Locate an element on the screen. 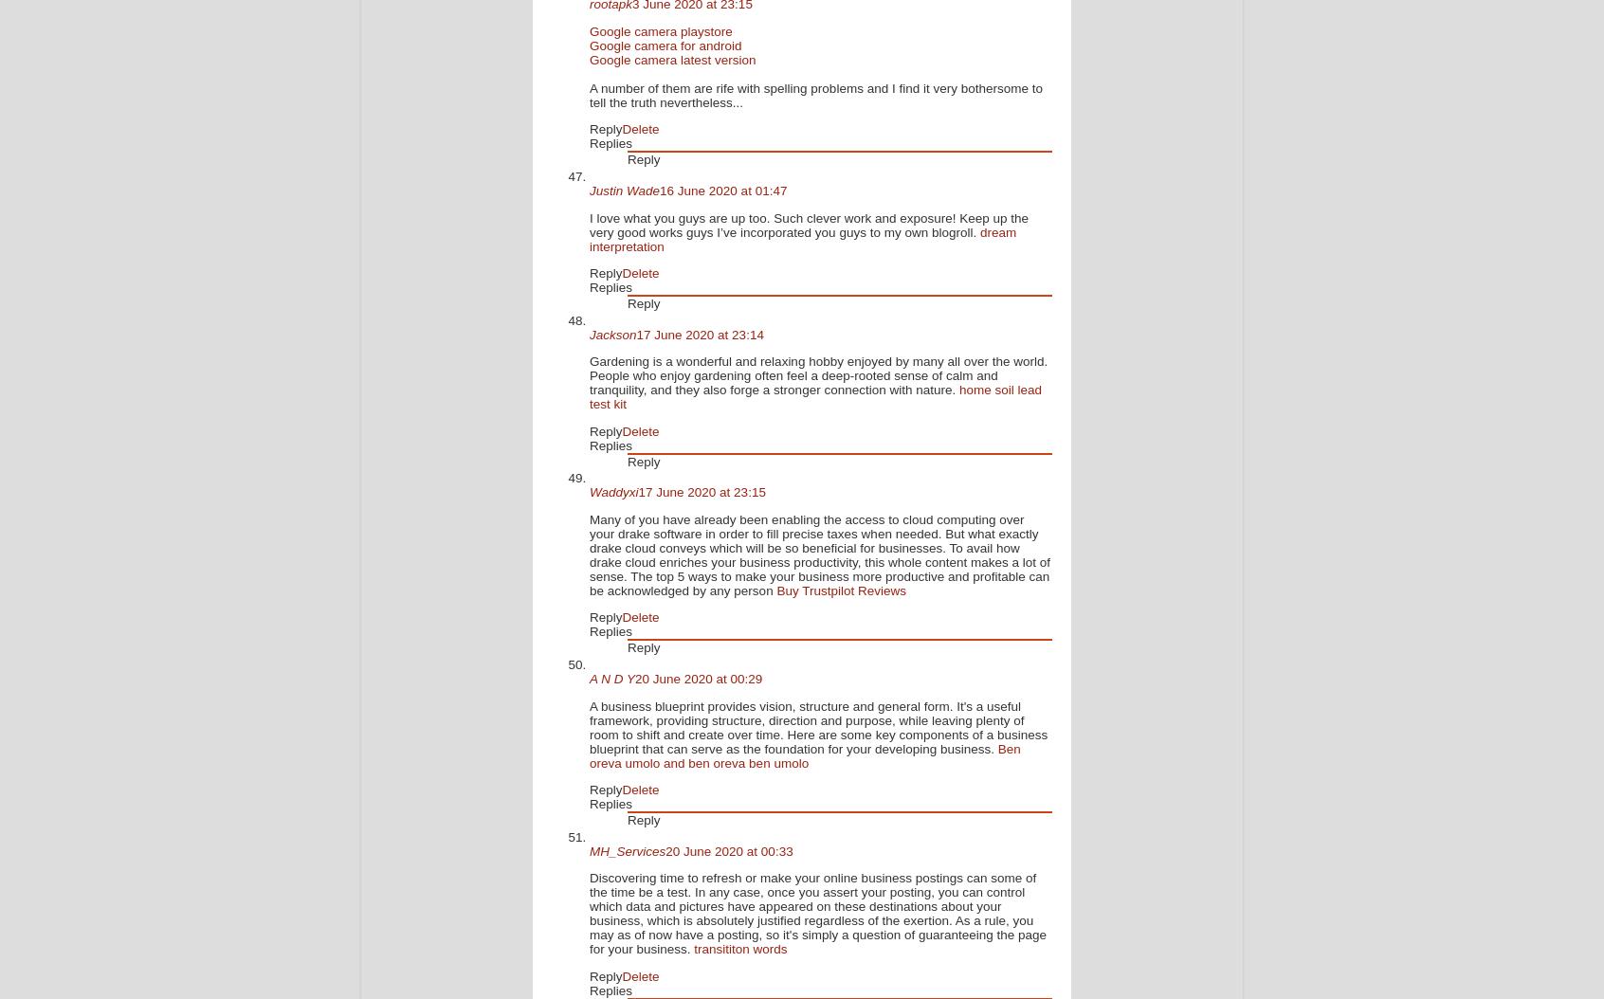 The height and width of the screenshot is (999, 1604). 'Google camera latest version' is located at coordinates (588, 58).